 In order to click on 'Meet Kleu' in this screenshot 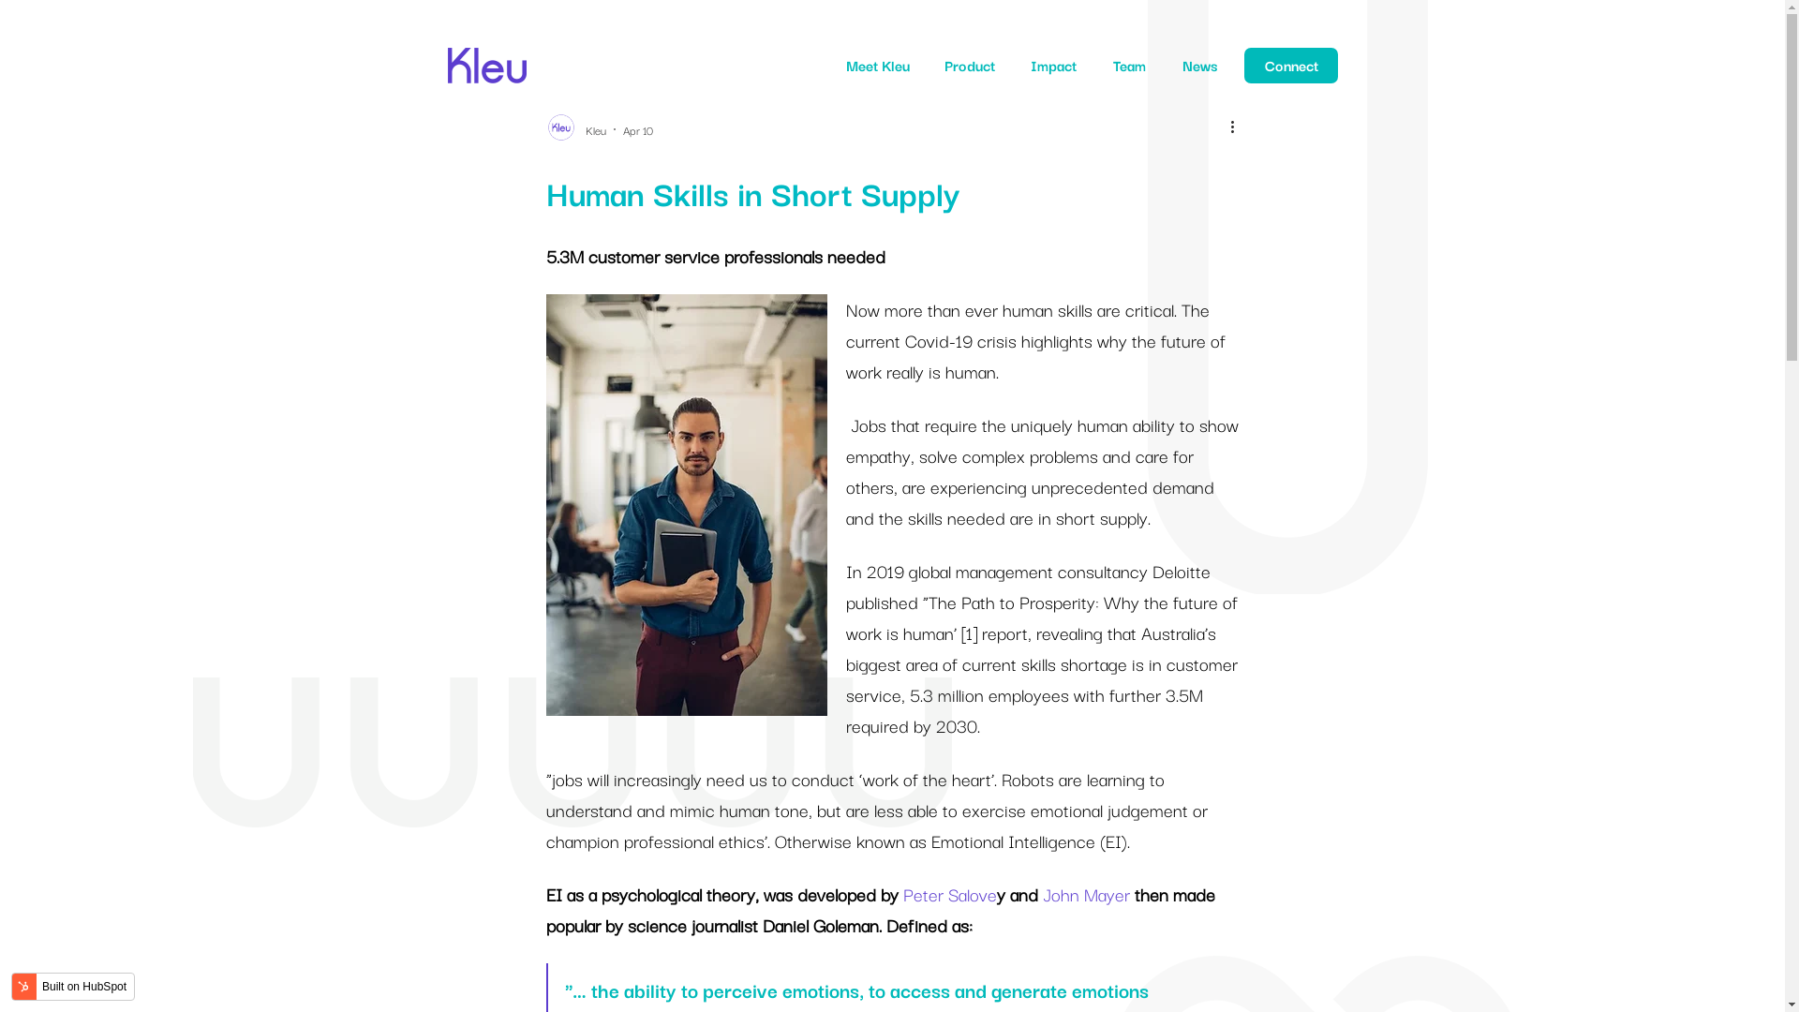, I will do `click(876, 64)`.